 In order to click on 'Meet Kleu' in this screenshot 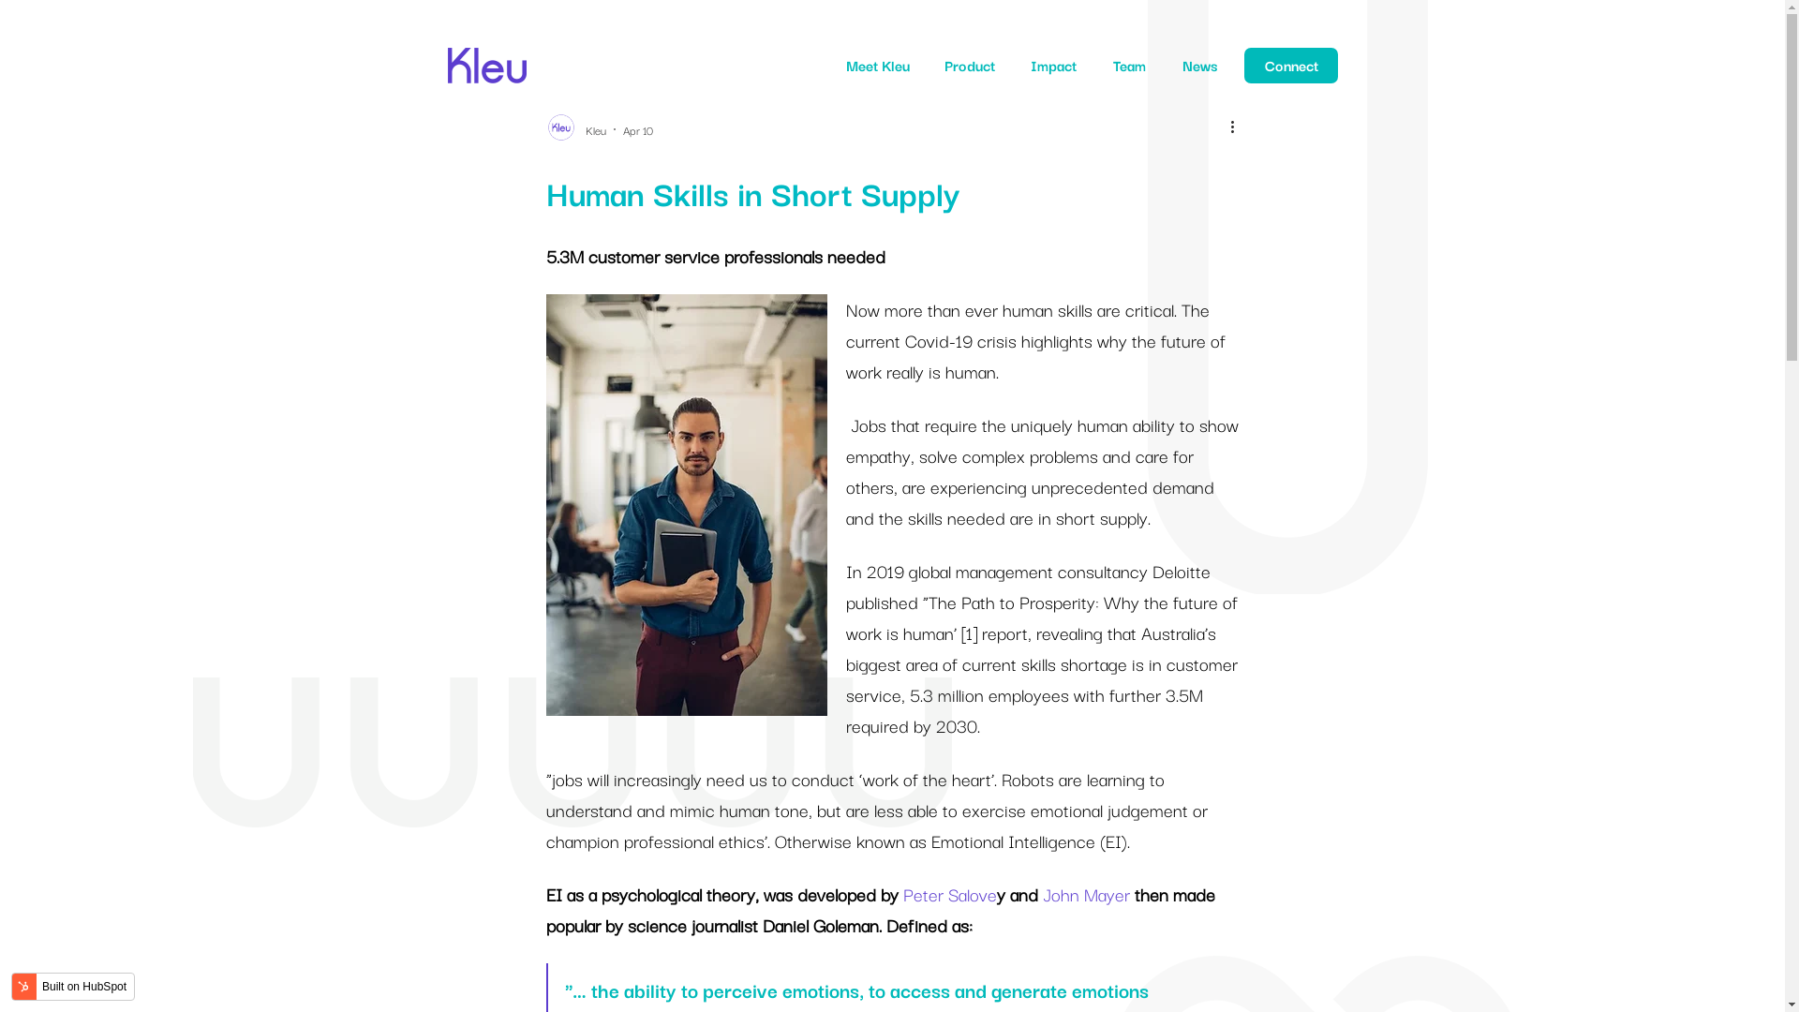, I will do `click(876, 64)`.